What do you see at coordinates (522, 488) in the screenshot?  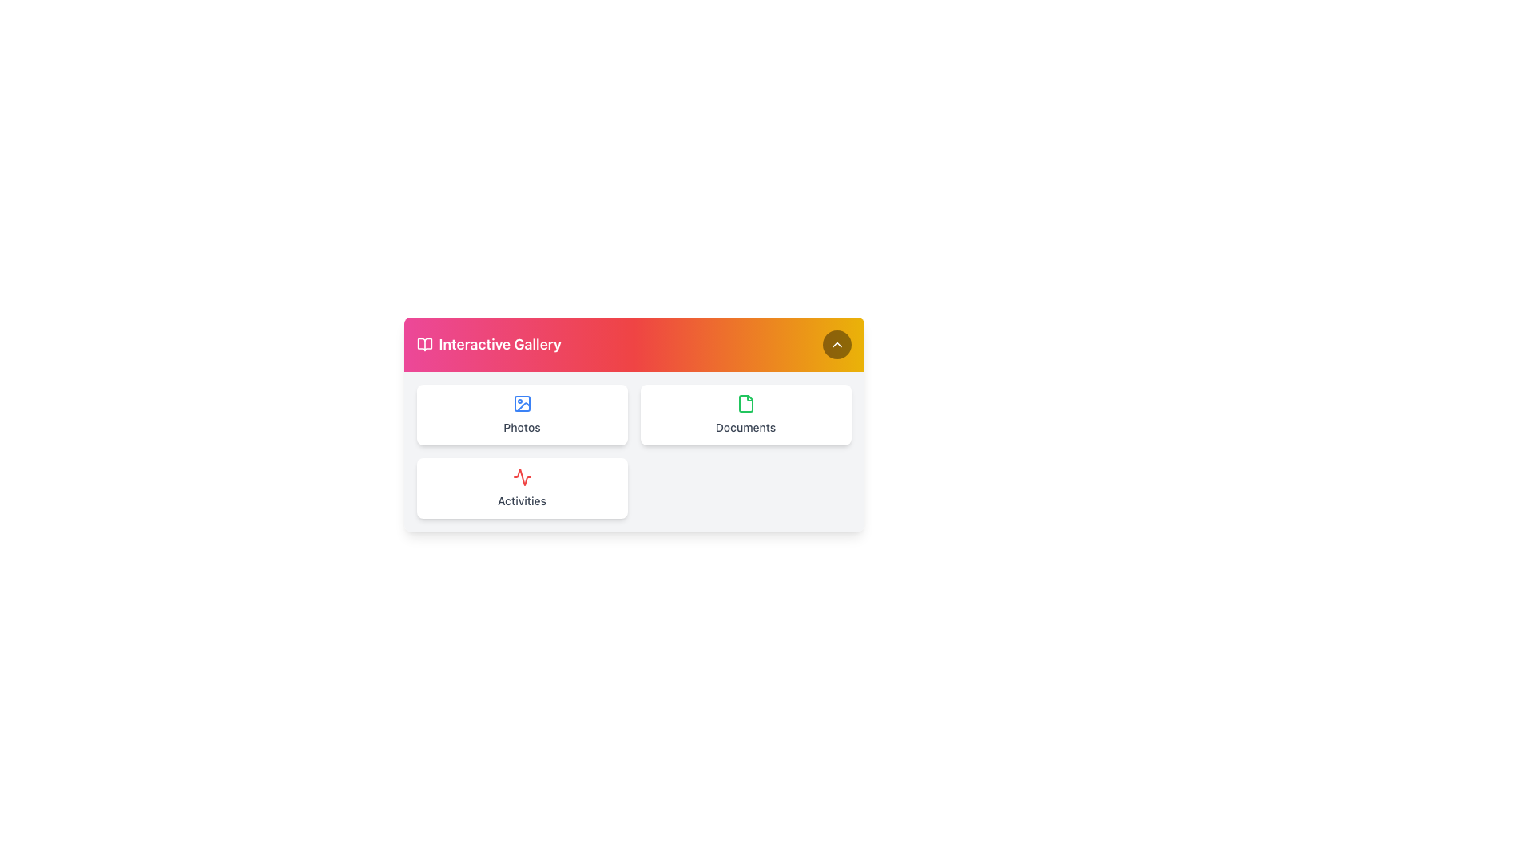 I see `the card item with a white background, rounded corners, and a red waveform icon labeled 'Activities', located in the bottom-left position of the grid layout` at bounding box center [522, 488].